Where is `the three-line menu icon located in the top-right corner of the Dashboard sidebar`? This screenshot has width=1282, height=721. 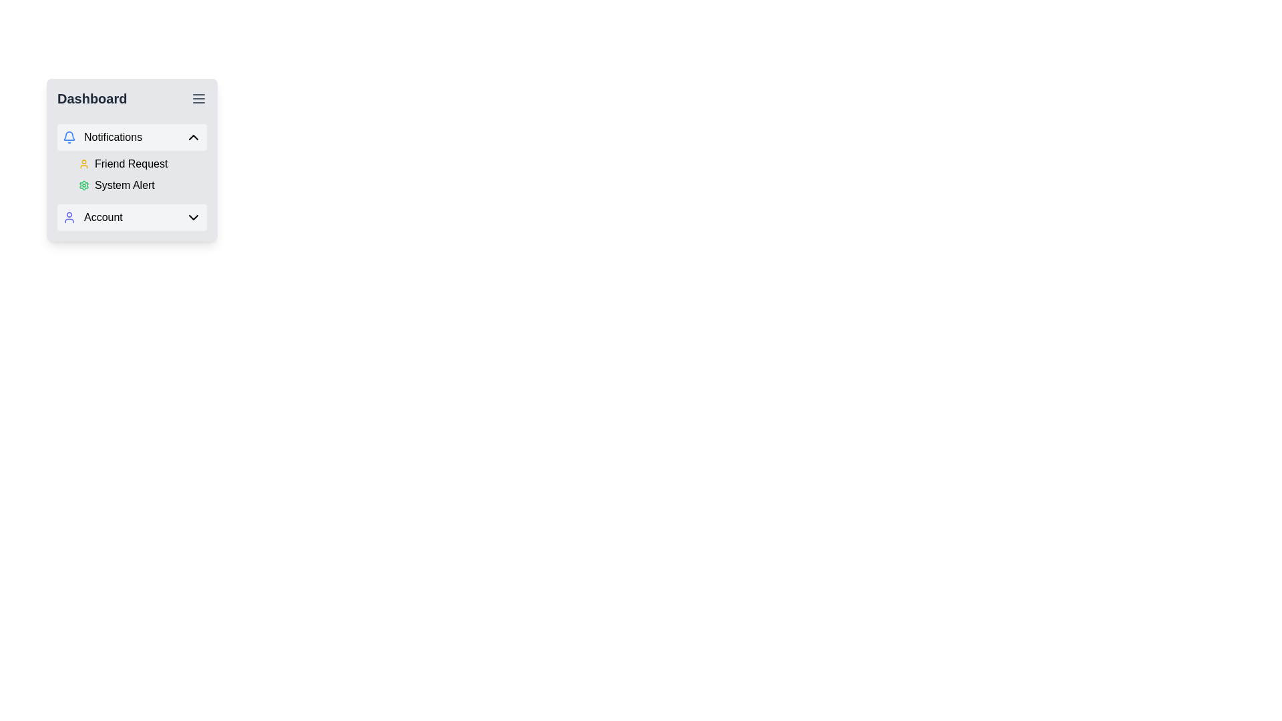
the three-line menu icon located in the top-right corner of the Dashboard sidebar is located at coordinates (198, 97).